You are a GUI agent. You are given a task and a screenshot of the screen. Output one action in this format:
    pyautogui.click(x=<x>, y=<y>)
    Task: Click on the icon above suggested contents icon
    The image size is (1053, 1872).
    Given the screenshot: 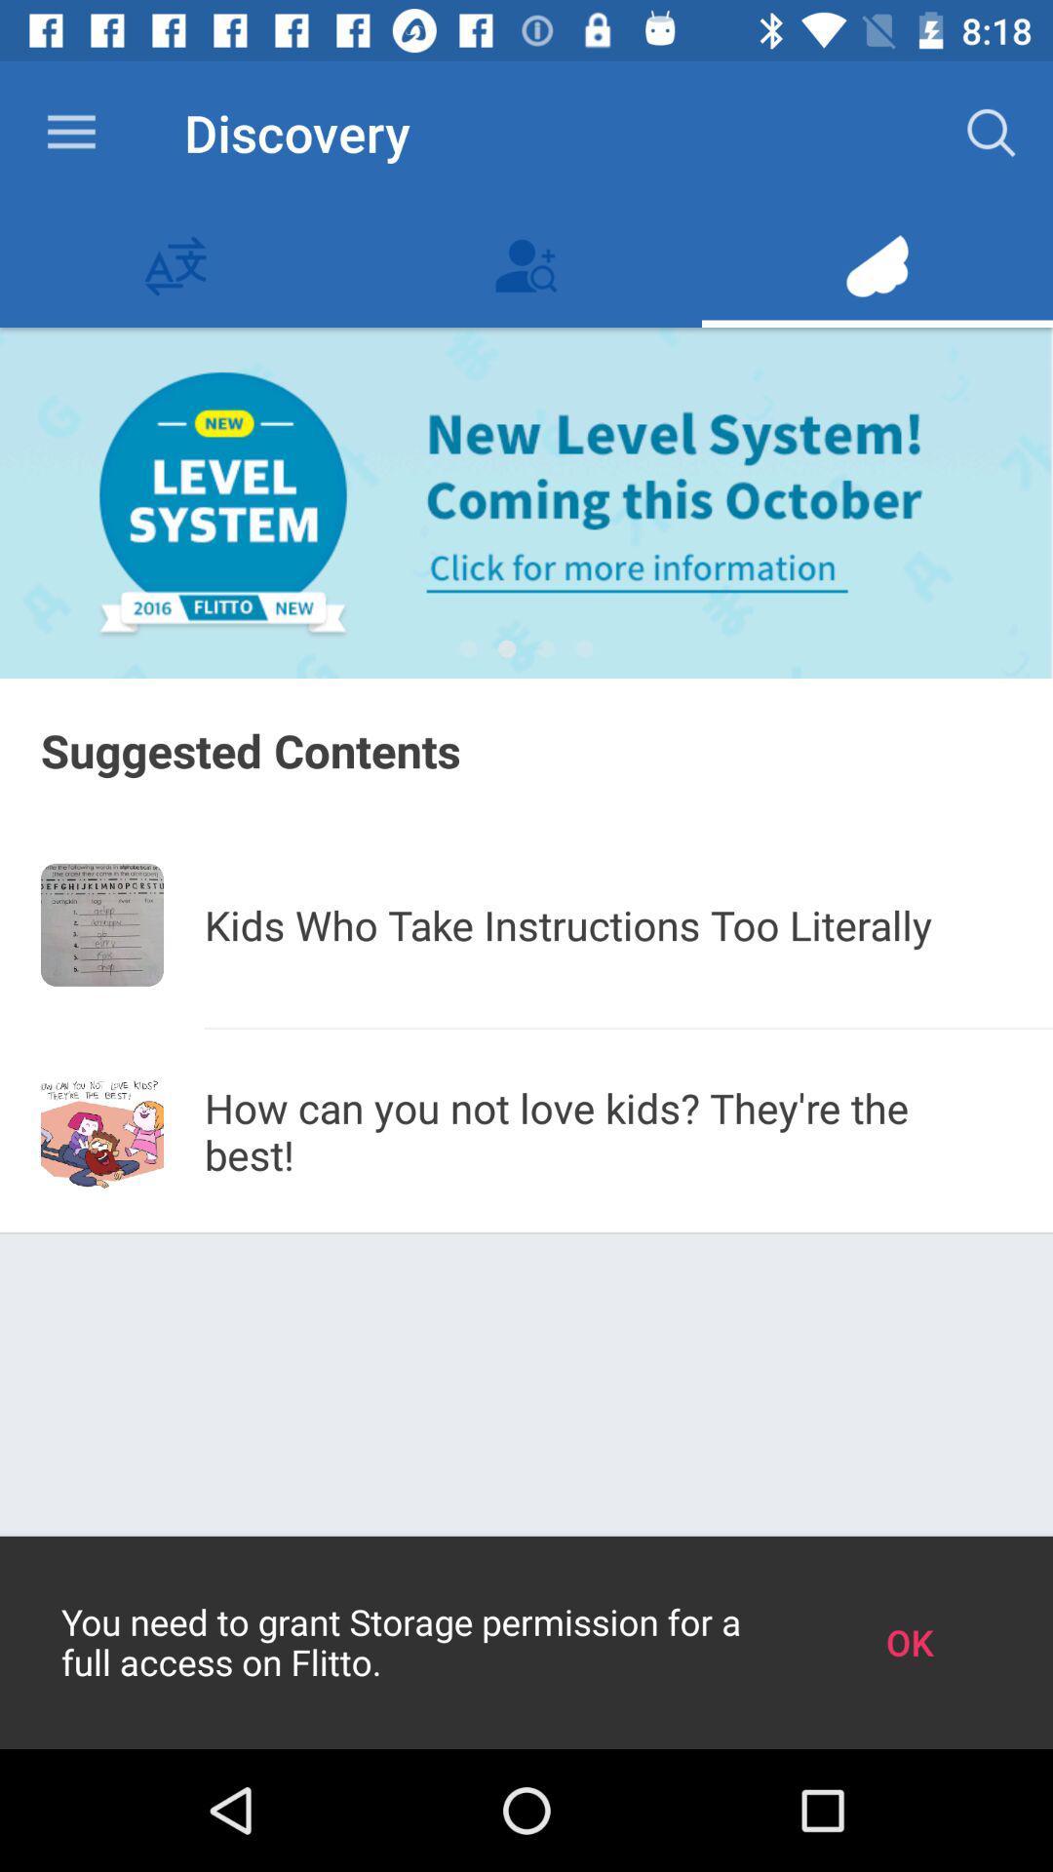 What is the action you would take?
    pyautogui.click(x=506, y=648)
    